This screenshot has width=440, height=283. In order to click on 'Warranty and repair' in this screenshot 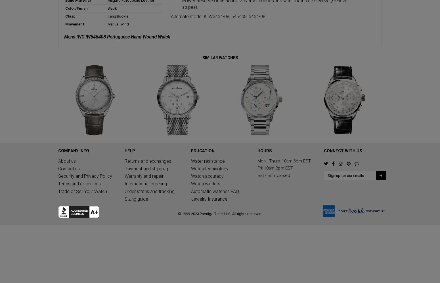, I will do `click(124, 176)`.